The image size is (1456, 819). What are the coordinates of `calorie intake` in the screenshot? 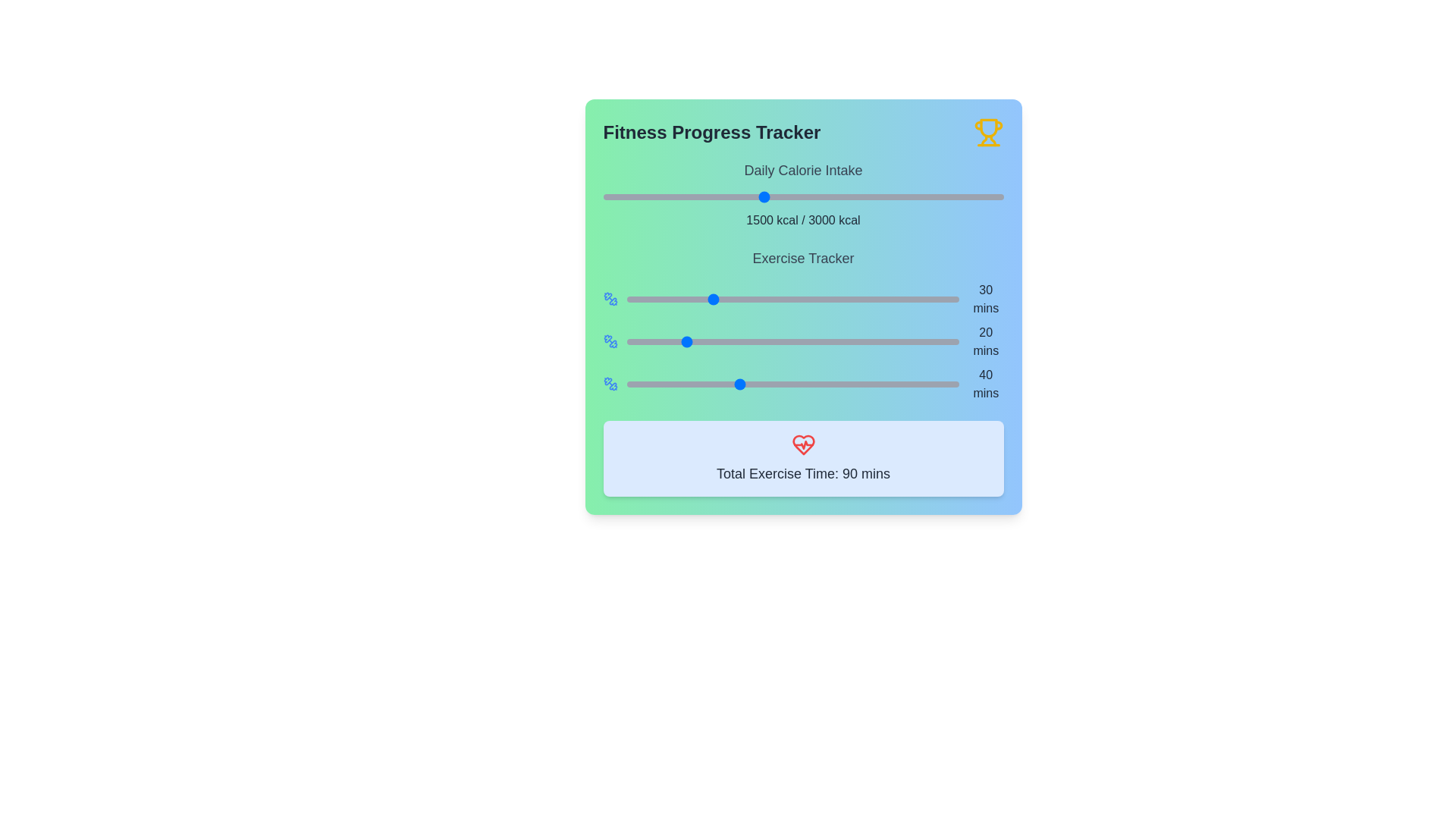 It's located at (839, 196).